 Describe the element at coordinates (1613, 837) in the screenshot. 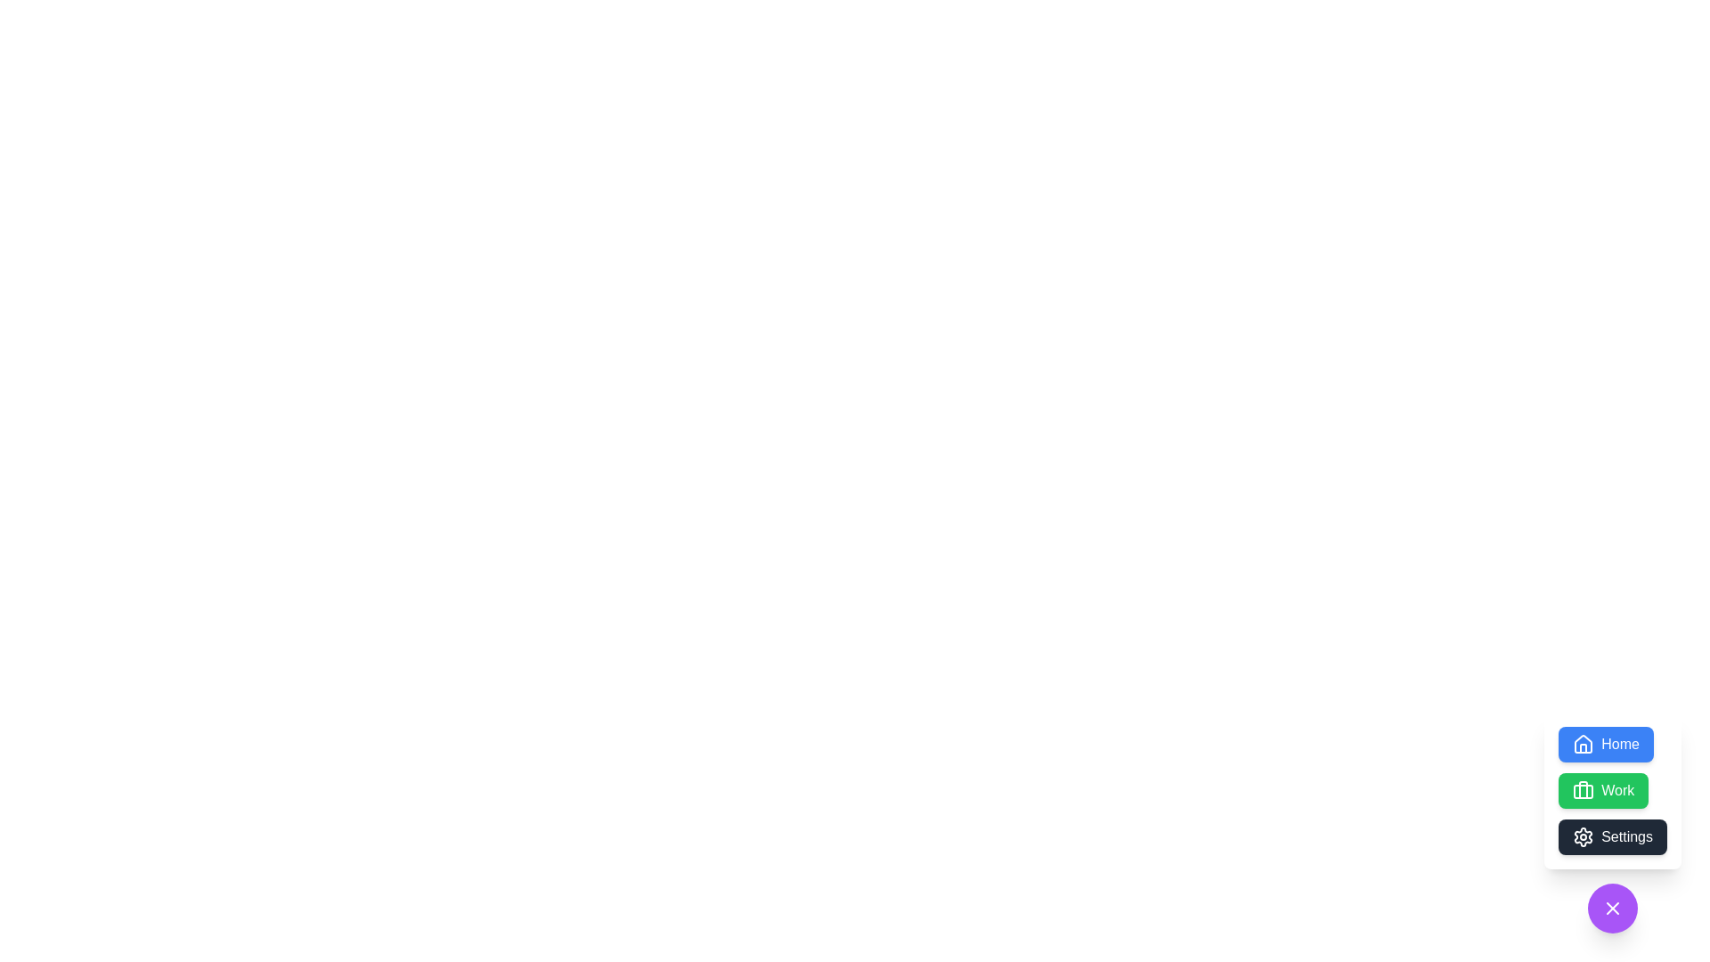

I see `the 'Settings' button, which is the third button in a vertical group of three buttons with a black background and a cogwheel icon next to the text 'Settings'` at that location.